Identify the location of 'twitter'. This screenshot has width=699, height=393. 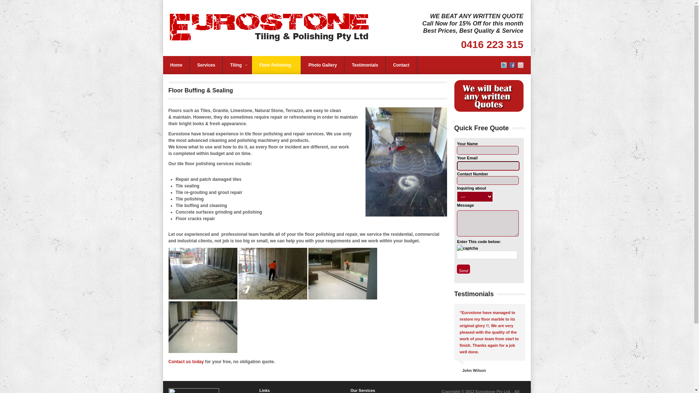
(503, 66).